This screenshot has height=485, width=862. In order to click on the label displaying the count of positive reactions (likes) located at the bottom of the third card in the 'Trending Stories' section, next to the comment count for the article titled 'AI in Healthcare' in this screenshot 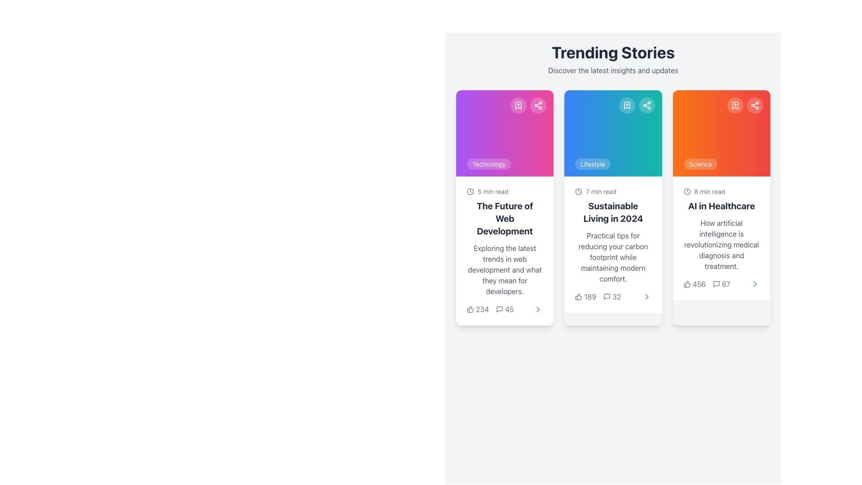, I will do `click(706, 284)`.